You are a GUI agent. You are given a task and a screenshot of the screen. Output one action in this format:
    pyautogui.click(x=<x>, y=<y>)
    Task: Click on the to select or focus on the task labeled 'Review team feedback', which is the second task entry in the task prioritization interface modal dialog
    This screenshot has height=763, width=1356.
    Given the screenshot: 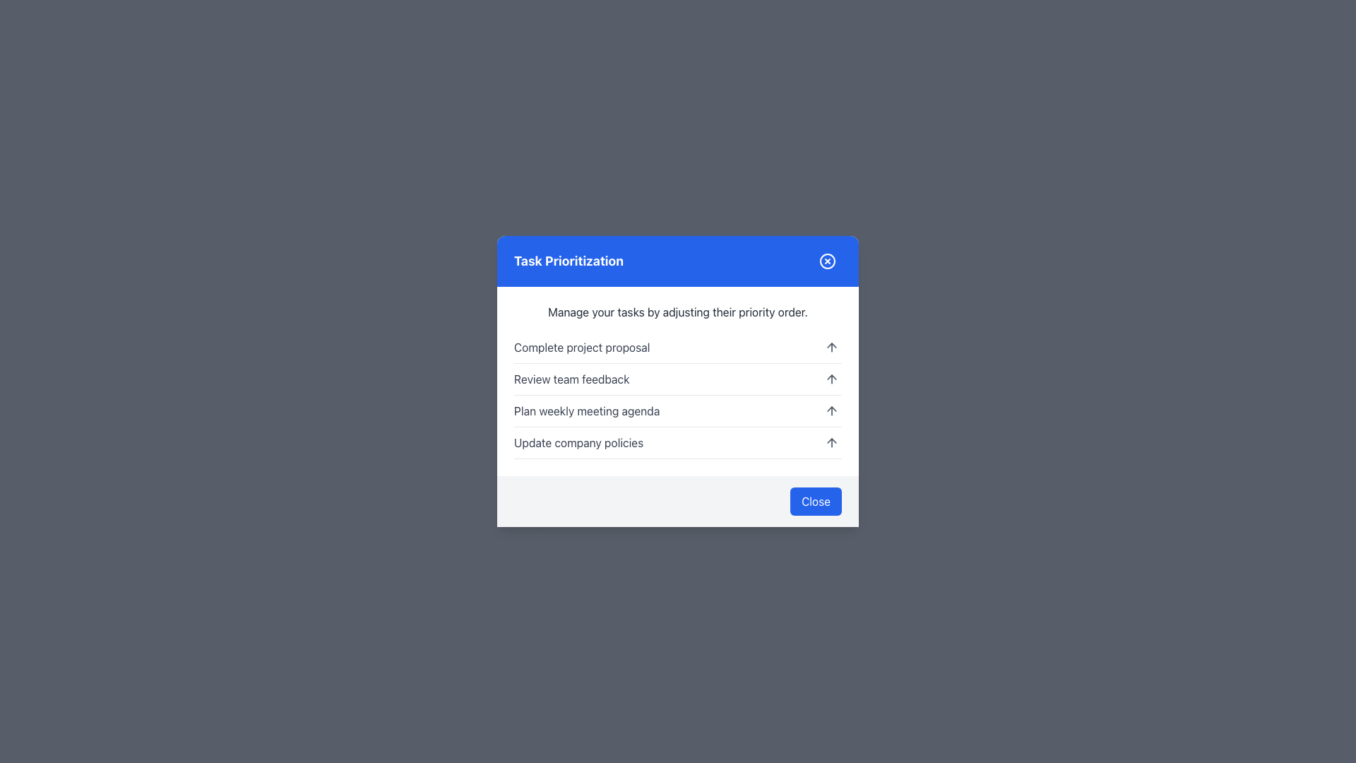 What is the action you would take?
    pyautogui.click(x=678, y=381)
    